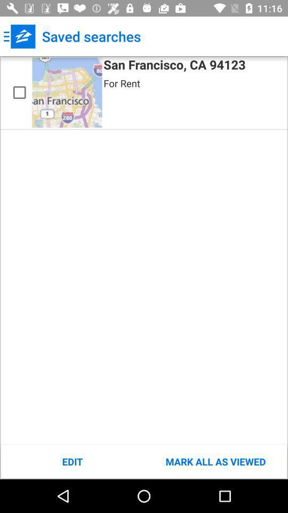 The width and height of the screenshot is (288, 513). Describe the element at coordinates (72, 461) in the screenshot. I see `icon at the bottom left corner` at that location.